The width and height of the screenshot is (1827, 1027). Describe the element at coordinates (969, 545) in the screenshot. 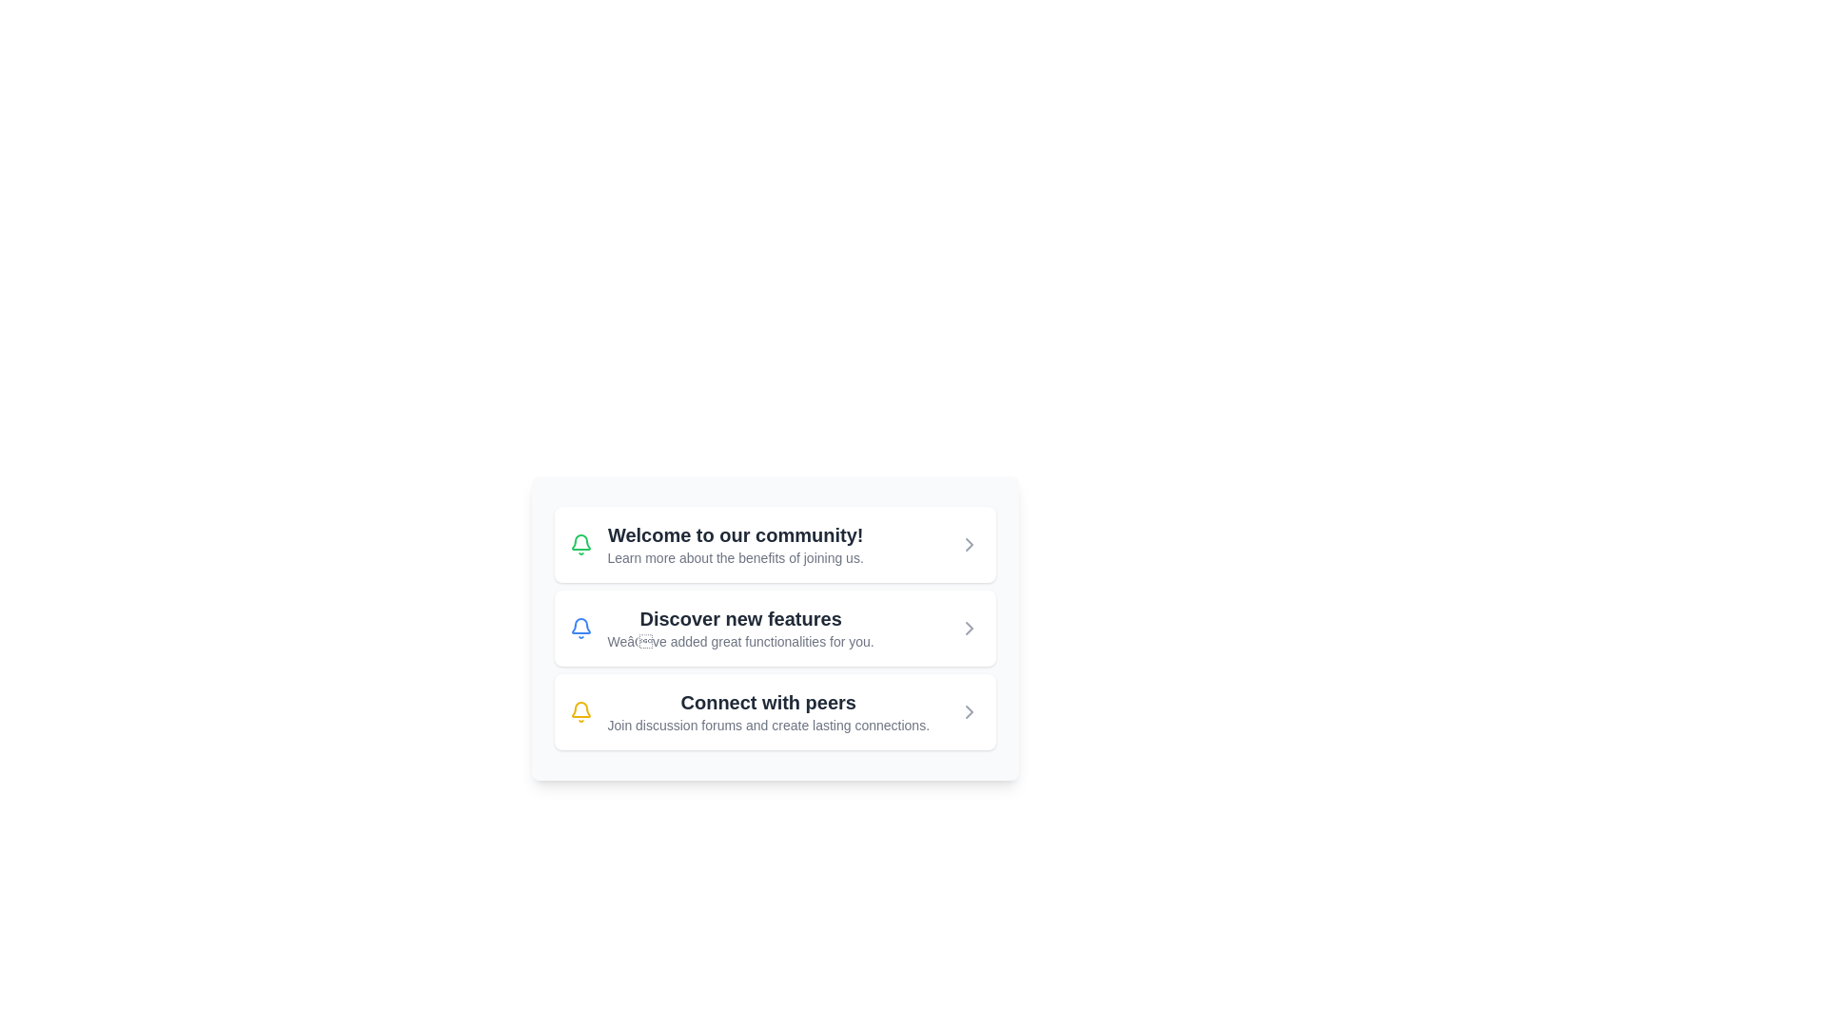

I see `the rightward navigation icon within the 'Discover new features' UI card section, positioned at the far right of the horizontally arranged list item` at that location.